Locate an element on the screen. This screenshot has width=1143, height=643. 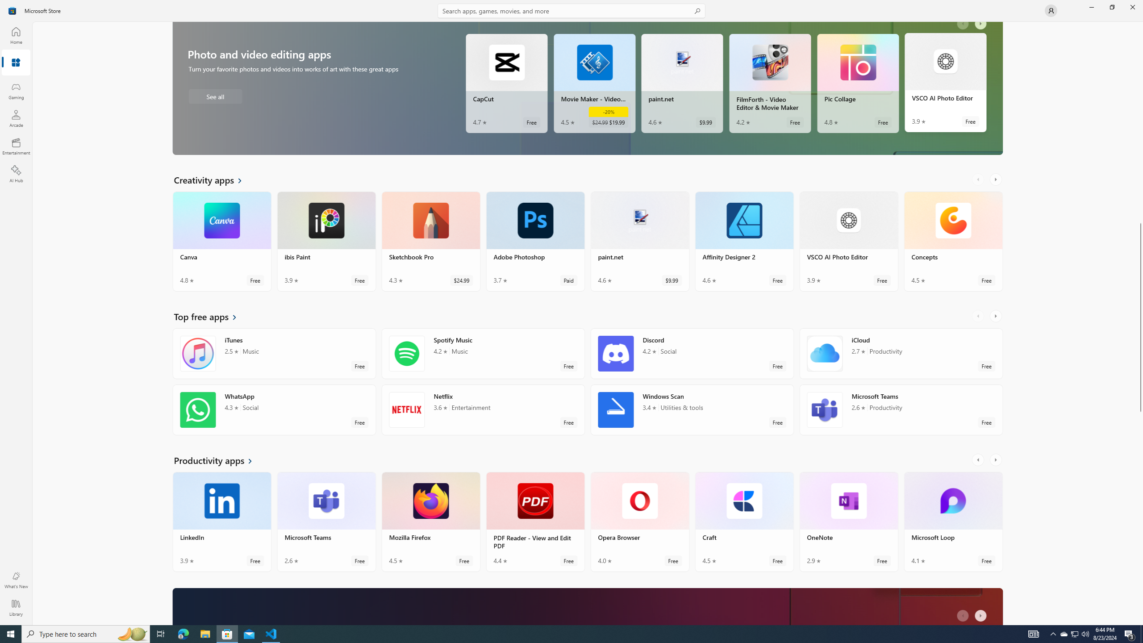
'ibis Paint. Average rating of 3.9 out of five stars. Free  ' is located at coordinates (325, 244).